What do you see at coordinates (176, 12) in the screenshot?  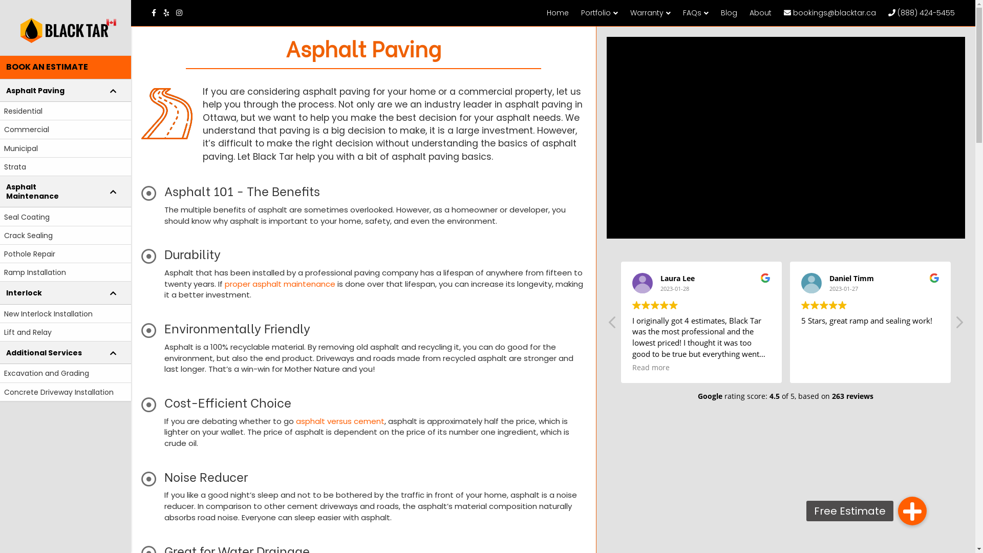 I see `'Instagram'` at bounding box center [176, 12].